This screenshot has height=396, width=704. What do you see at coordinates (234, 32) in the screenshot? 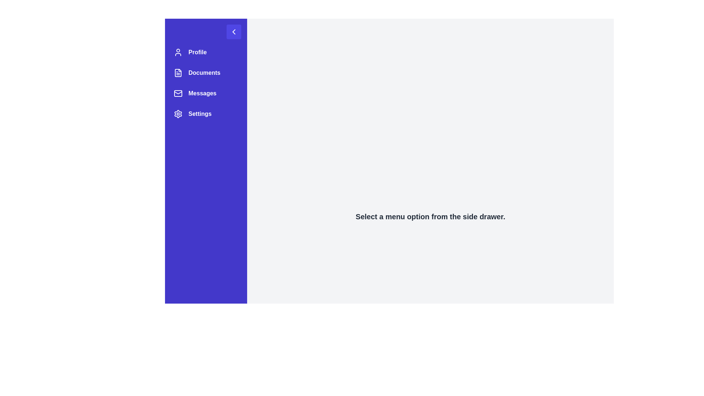
I see `the left chevron icon in the top-left corner of the interface` at bounding box center [234, 32].